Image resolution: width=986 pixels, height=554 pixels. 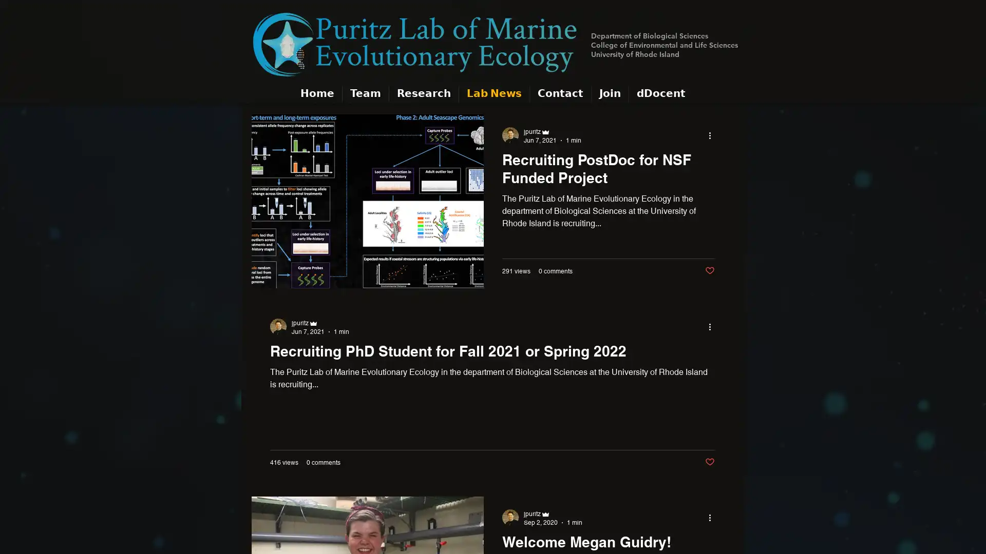 What do you see at coordinates (712, 134) in the screenshot?
I see `More actions` at bounding box center [712, 134].